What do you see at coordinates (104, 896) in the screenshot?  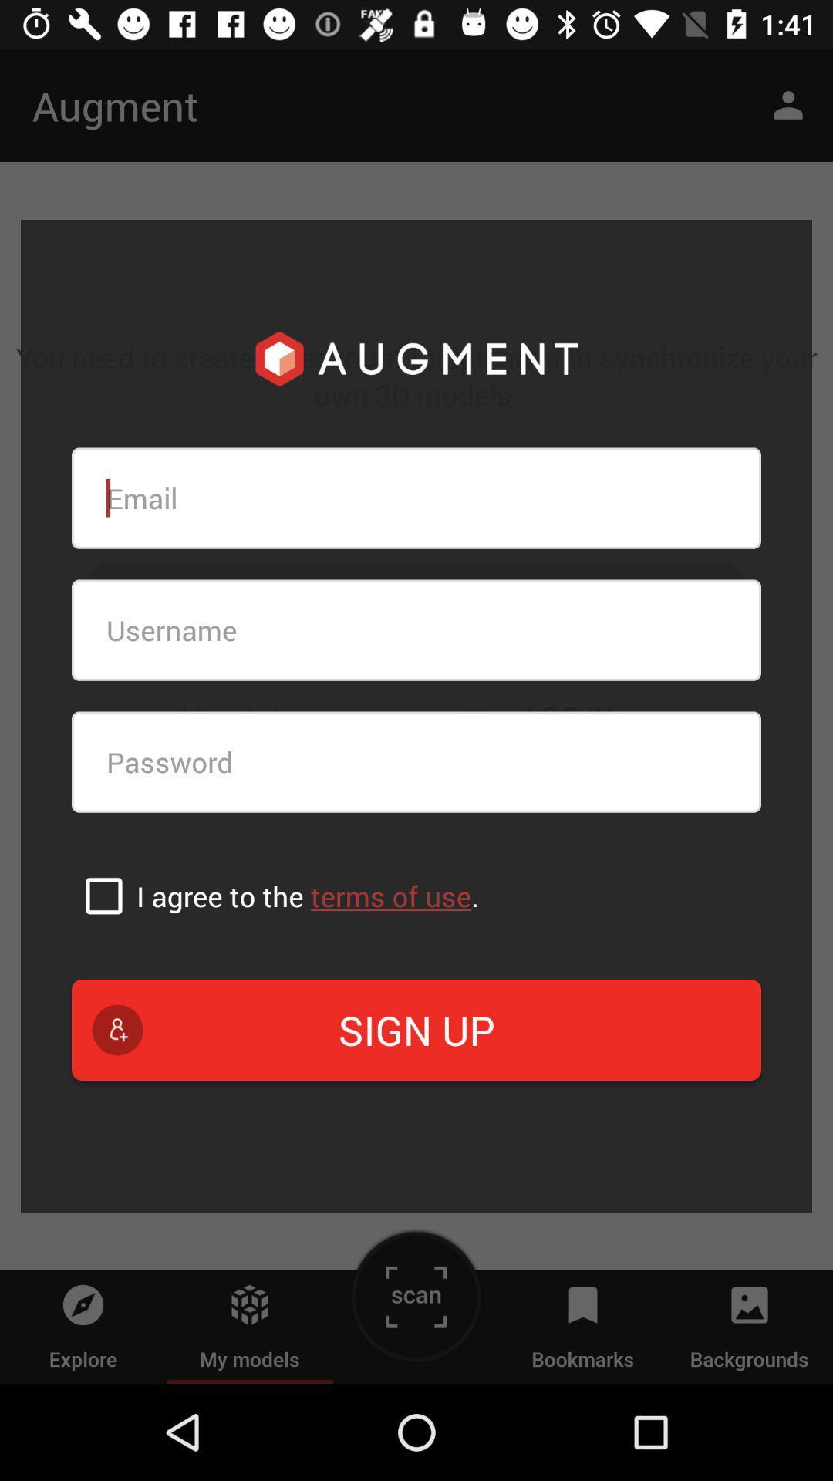 I see `the item next to i agree to icon` at bounding box center [104, 896].